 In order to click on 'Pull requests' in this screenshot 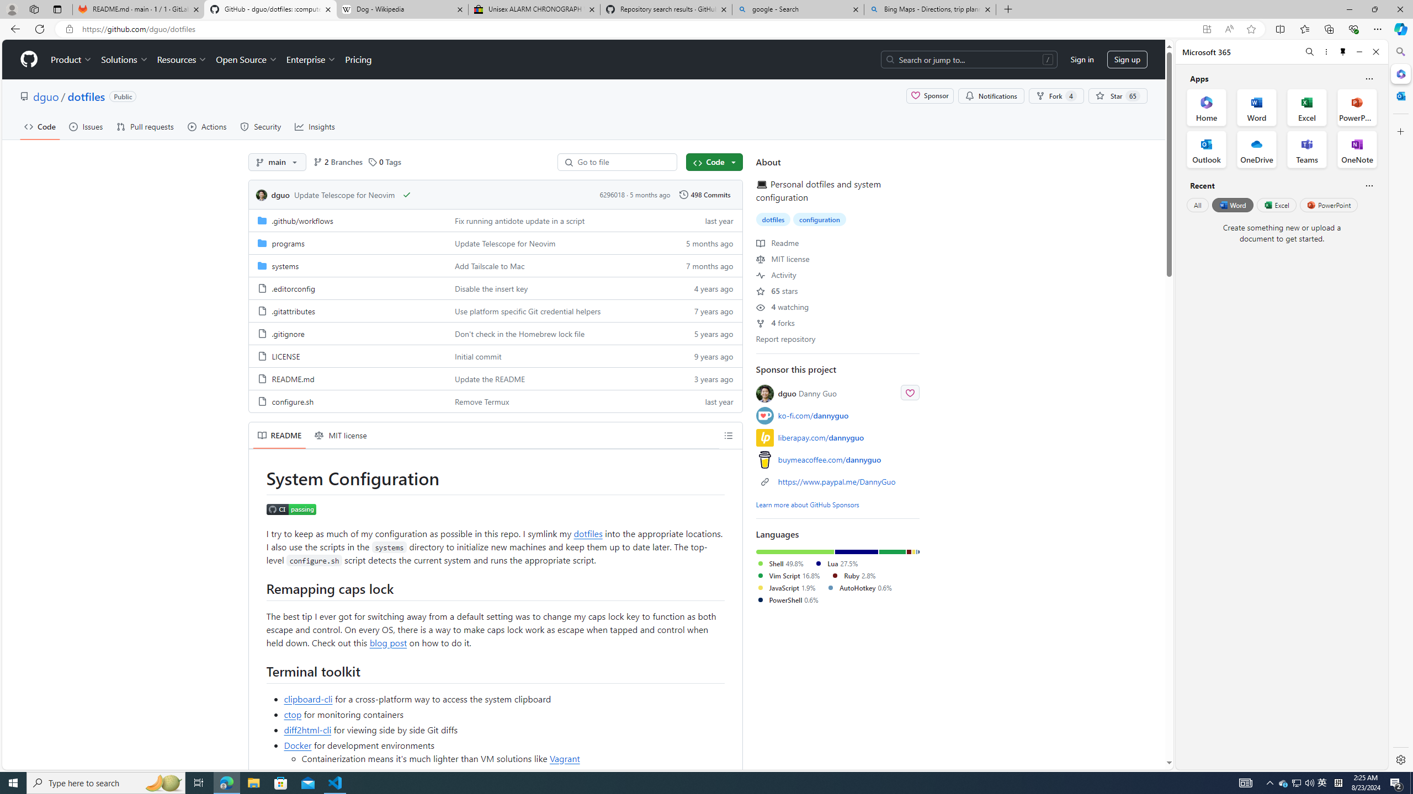, I will do `click(145, 126)`.